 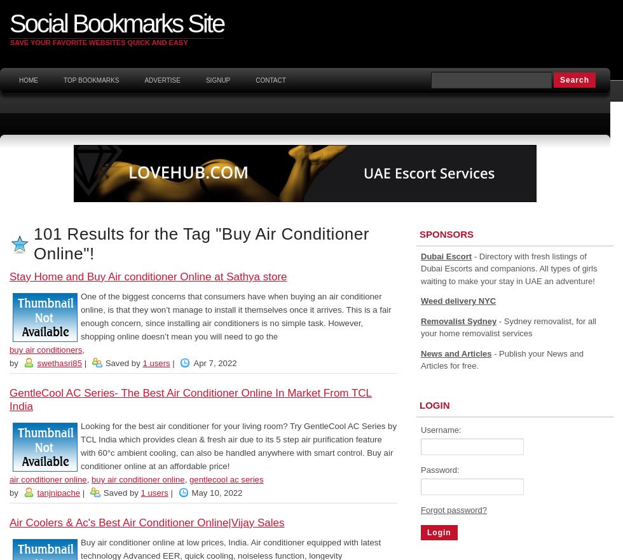 I want to click on 'Username:', so click(x=441, y=429).